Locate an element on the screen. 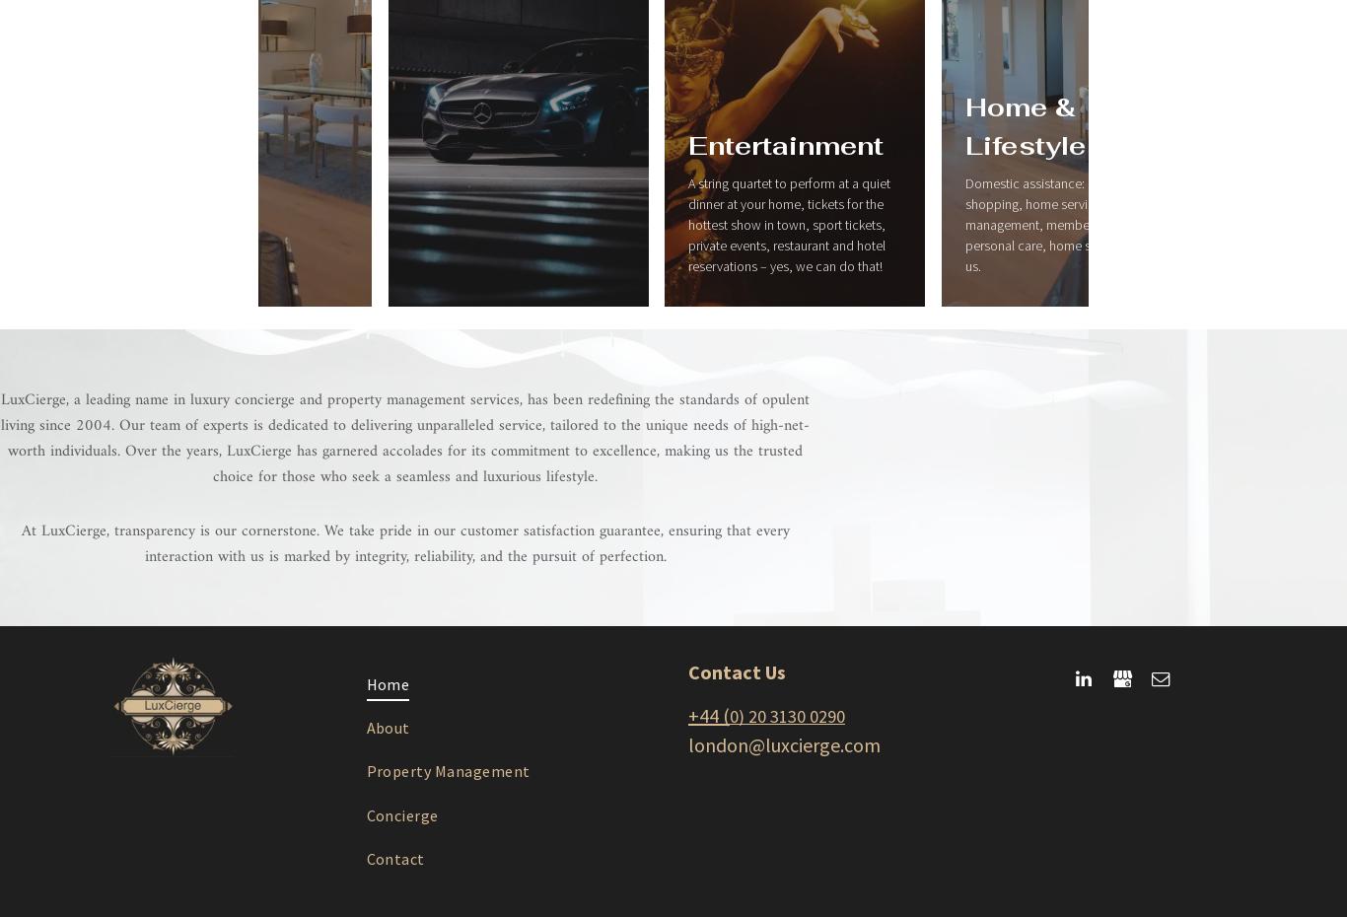 This screenshot has height=917, width=1347. 'Three or four countries in one day with private car hire, chauffer service, airport transport, private jet and a raft of special arrangements – this is what we do best!' is located at coordinates (671, 351).